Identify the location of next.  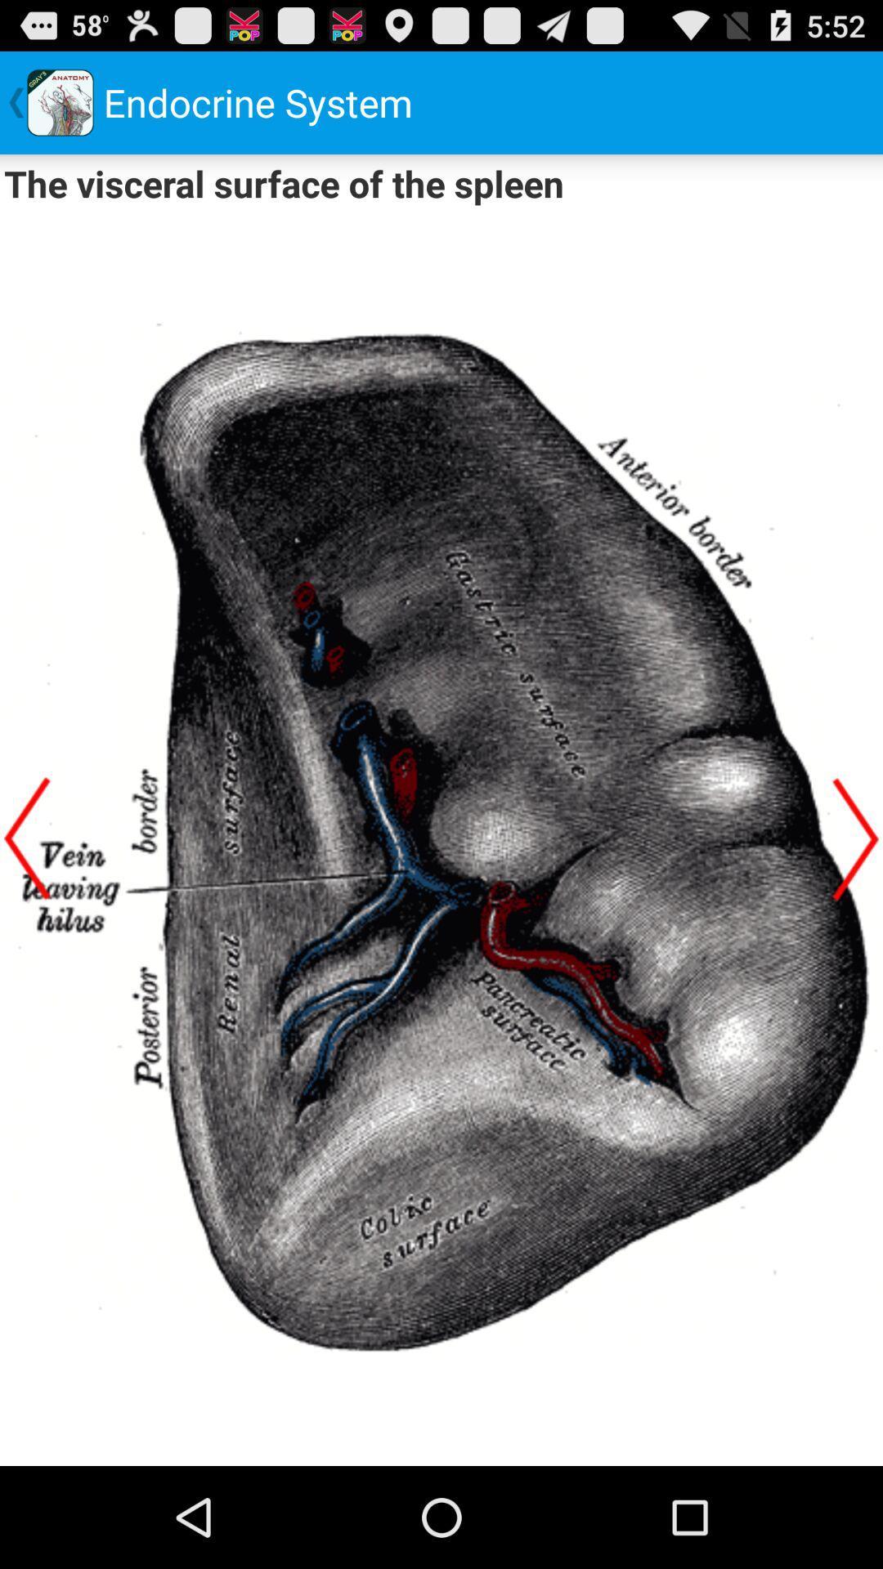
(854, 838).